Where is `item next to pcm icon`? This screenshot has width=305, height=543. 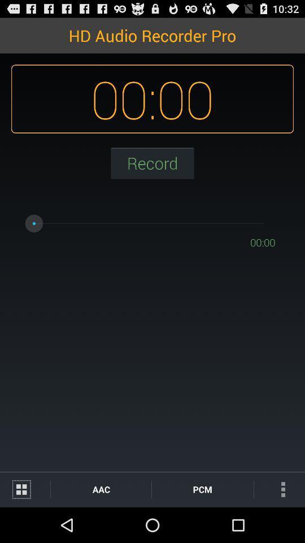 item next to pcm icon is located at coordinates (101, 489).